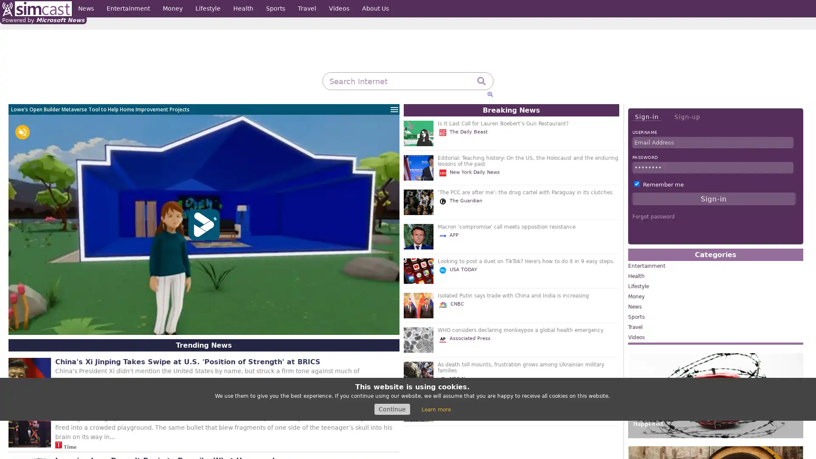  Describe the element at coordinates (22, 132) in the screenshot. I see `volume_offvolume_up` at that location.